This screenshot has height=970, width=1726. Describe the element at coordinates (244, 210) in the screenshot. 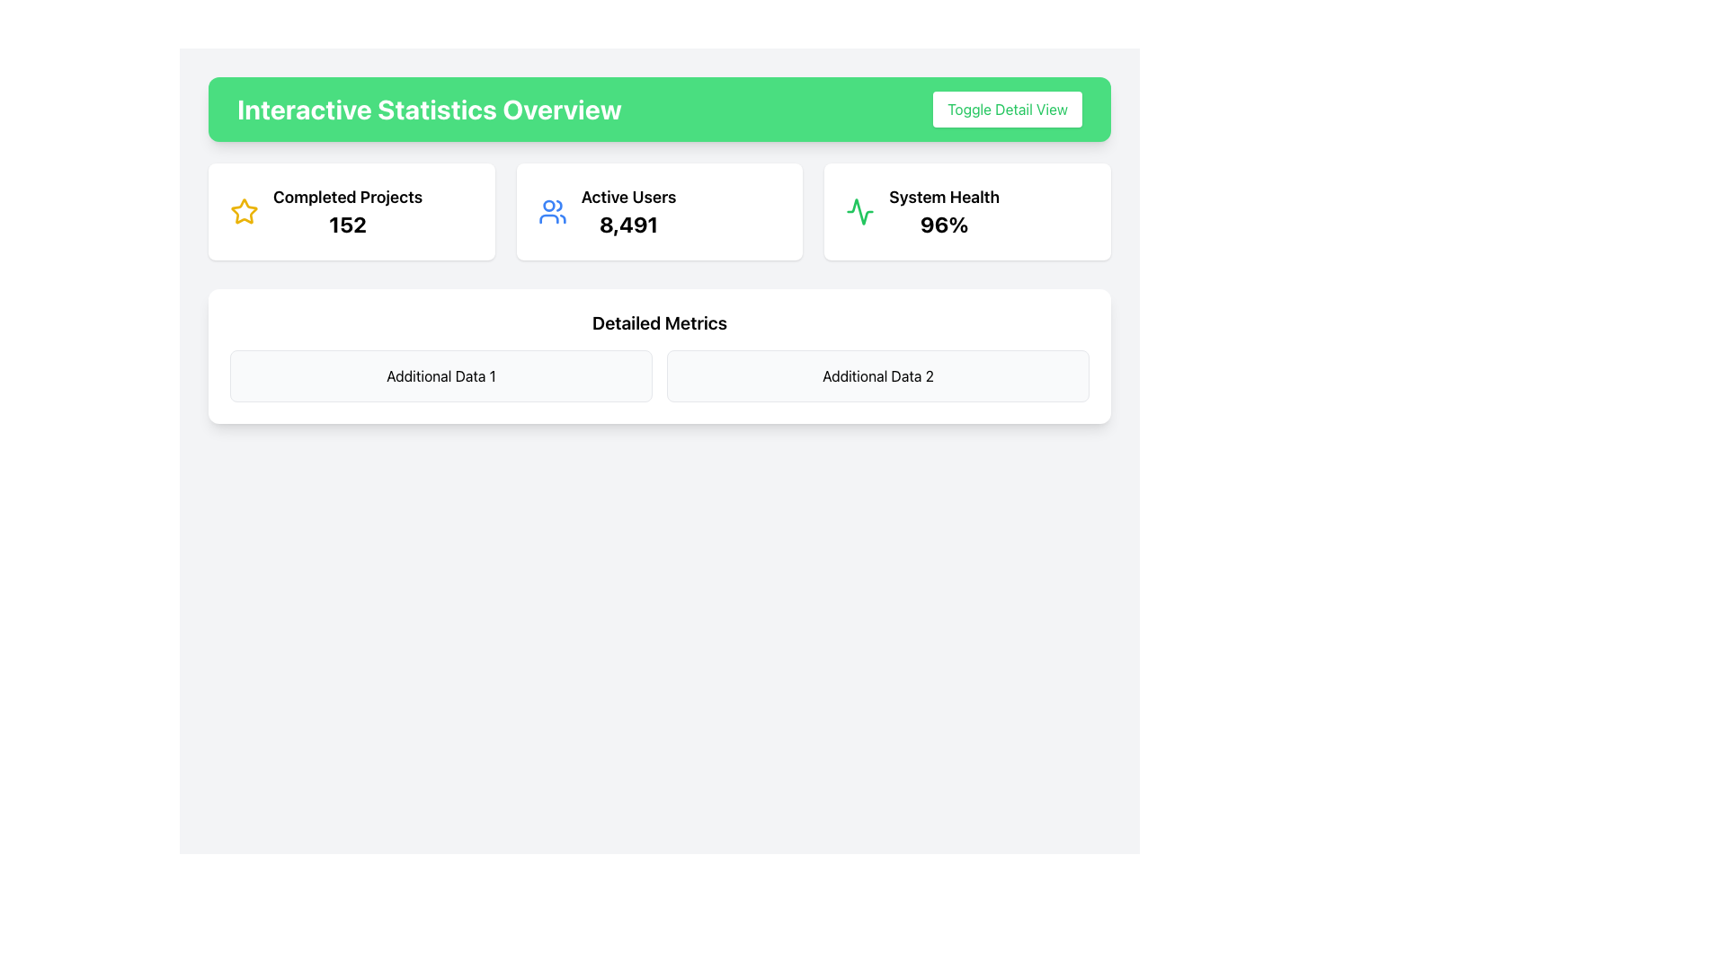

I see `the yellow star icon with a hollow center located in the top-left corner of the 'Completed Projects' card on the dashboard` at that location.